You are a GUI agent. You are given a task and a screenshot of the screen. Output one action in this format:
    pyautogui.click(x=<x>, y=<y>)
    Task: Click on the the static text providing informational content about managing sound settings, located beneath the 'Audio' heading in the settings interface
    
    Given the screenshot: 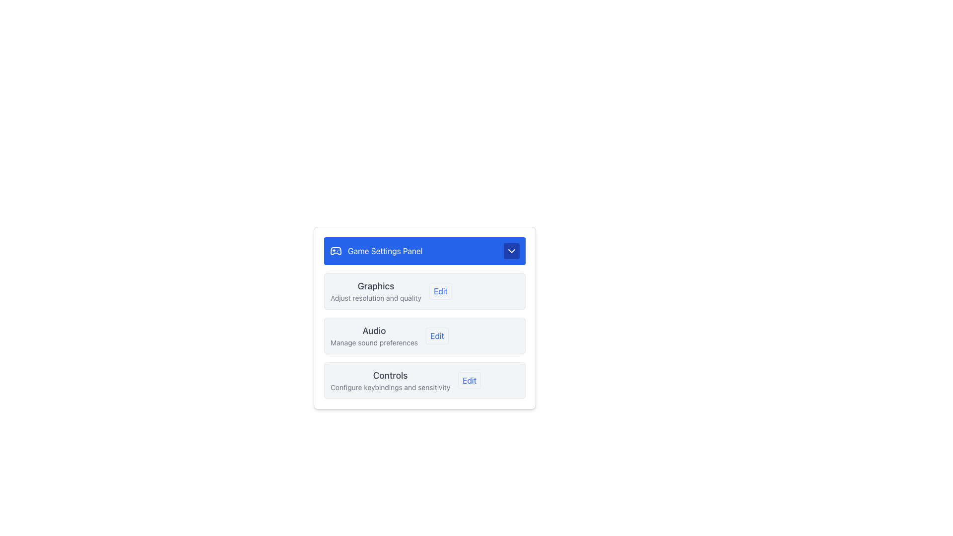 What is the action you would take?
    pyautogui.click(x=373, y=342)
    